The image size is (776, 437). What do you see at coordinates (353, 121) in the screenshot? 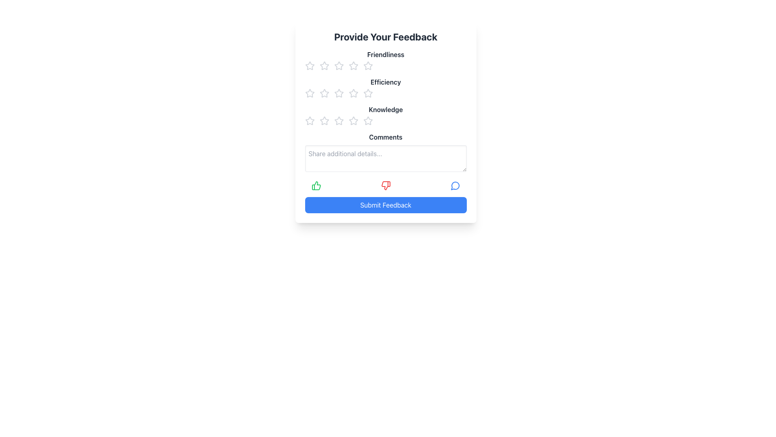
I see `the hollow star icon located in the third row and fourth column of the star rating interface to rate the 'Knowledge' category` at bounding box center [353, 121].